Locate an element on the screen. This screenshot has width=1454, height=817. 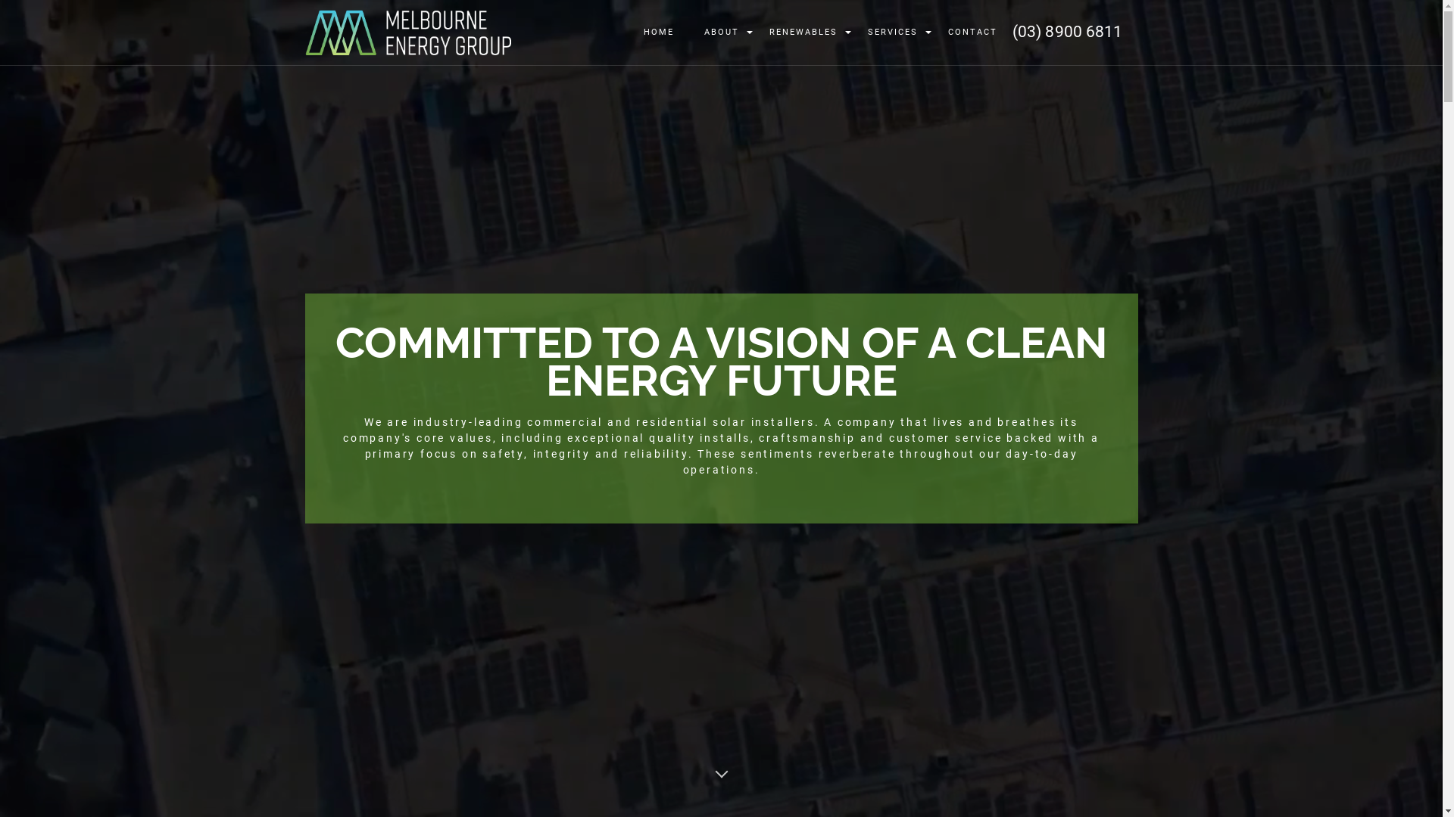
'HOME' is located at coordinates (658, 33).